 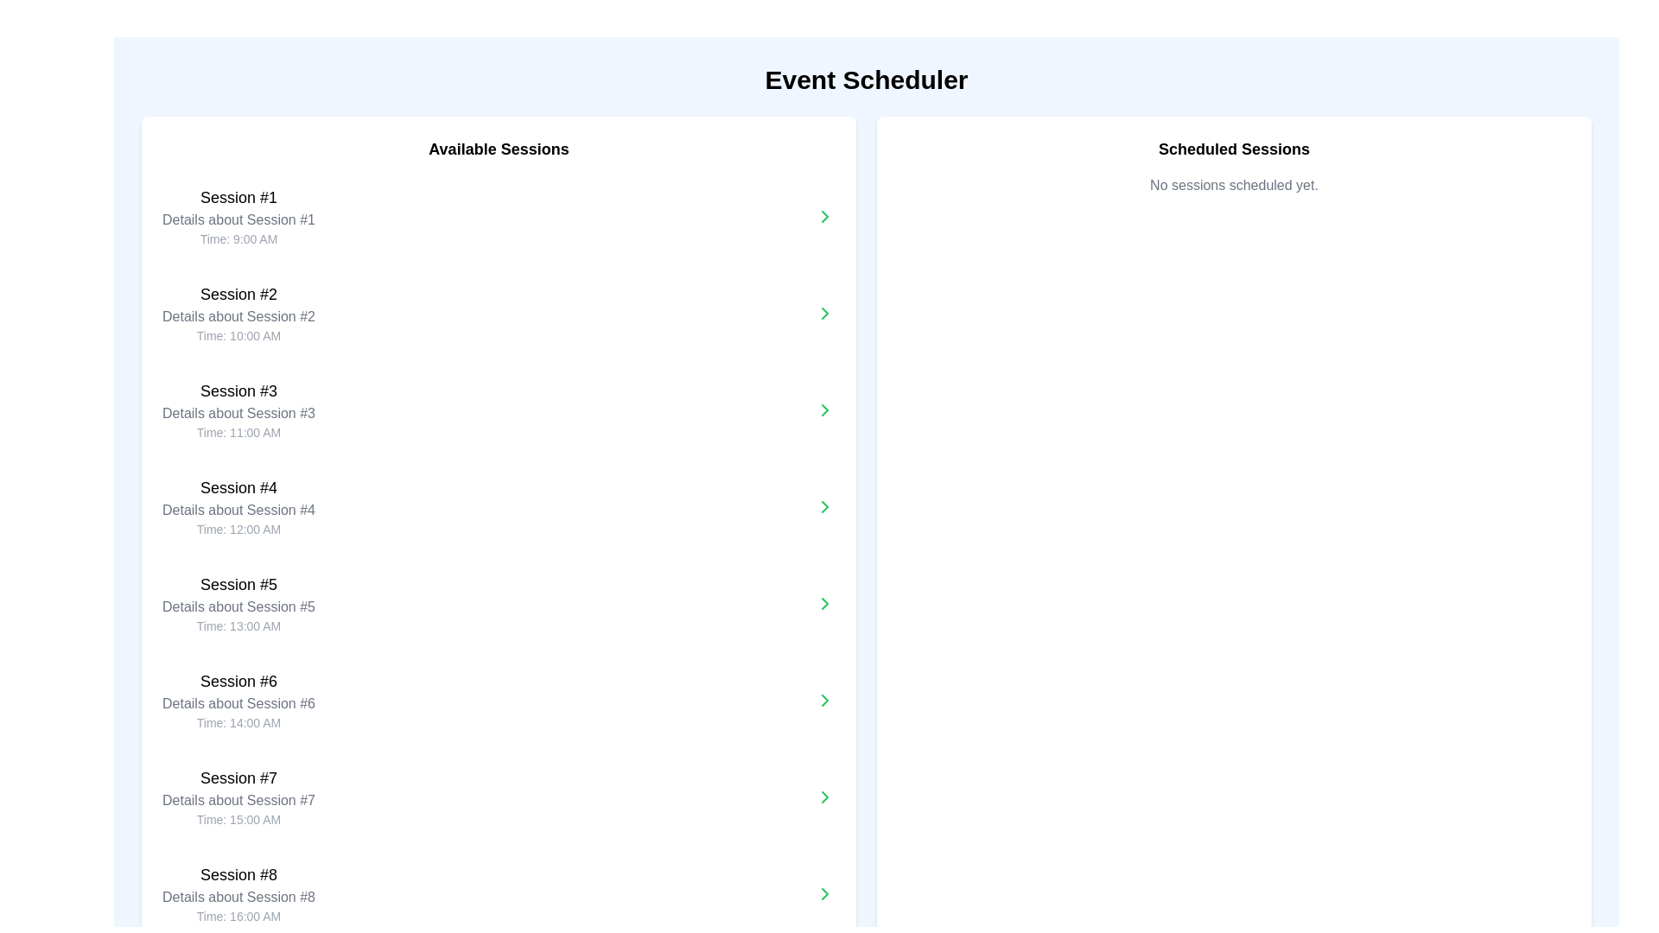 What do you see at coordinates (238, 800) in the screenshot?
I see `the Text Label that provides descriptive details about Session #7, located in the left column under the 'Available Sessions' header` at bounding box center [238, 800].